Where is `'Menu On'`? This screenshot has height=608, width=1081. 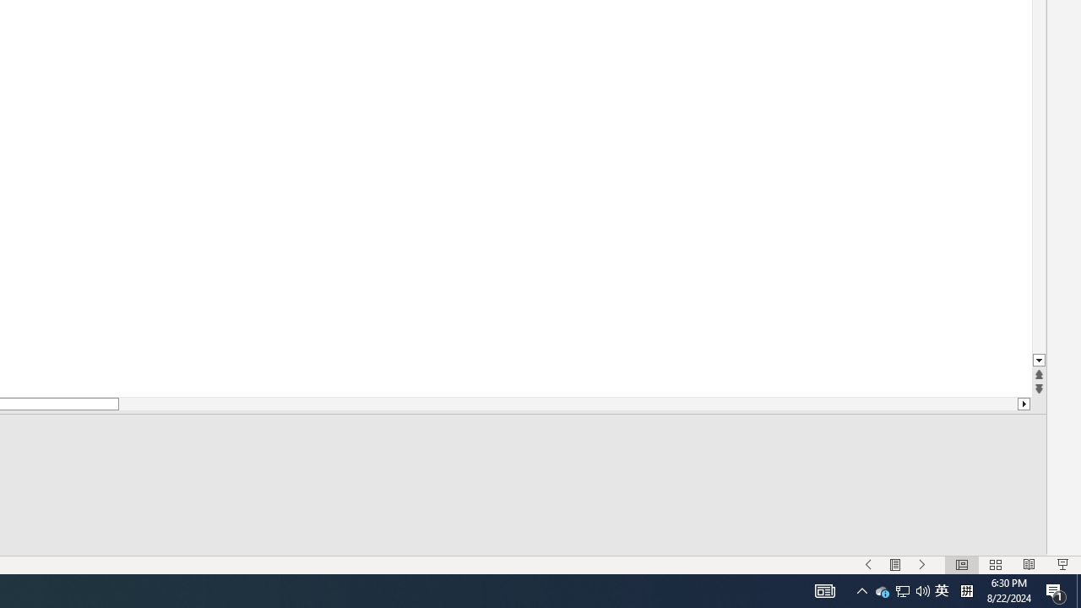 'Menu On' is located at coordinates (894, 565).